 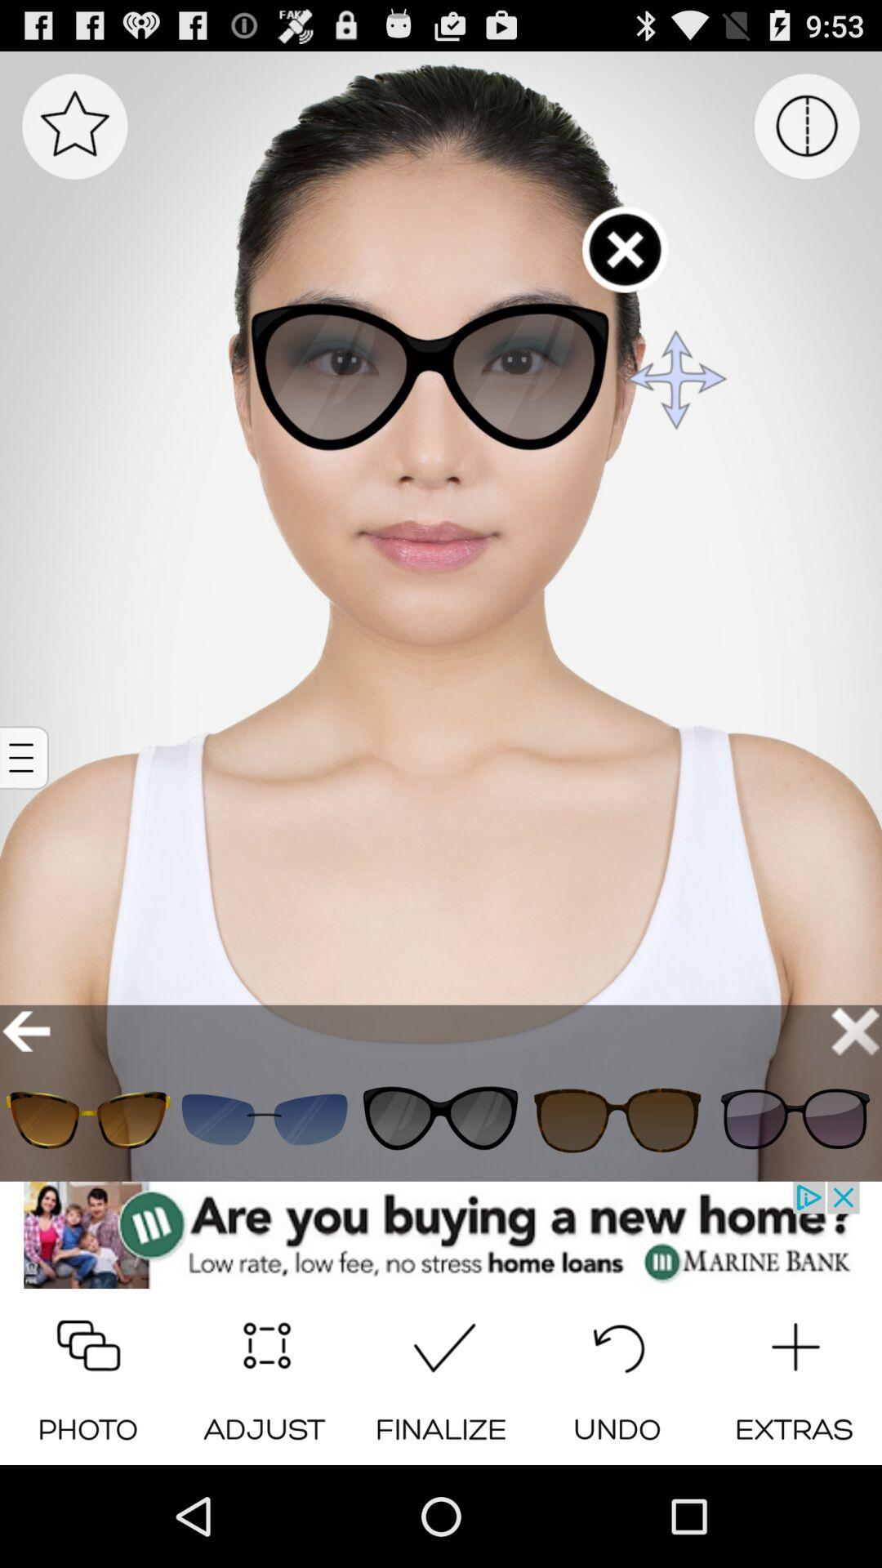 I want to click on mark as favorite, so click(x=74, y=125).